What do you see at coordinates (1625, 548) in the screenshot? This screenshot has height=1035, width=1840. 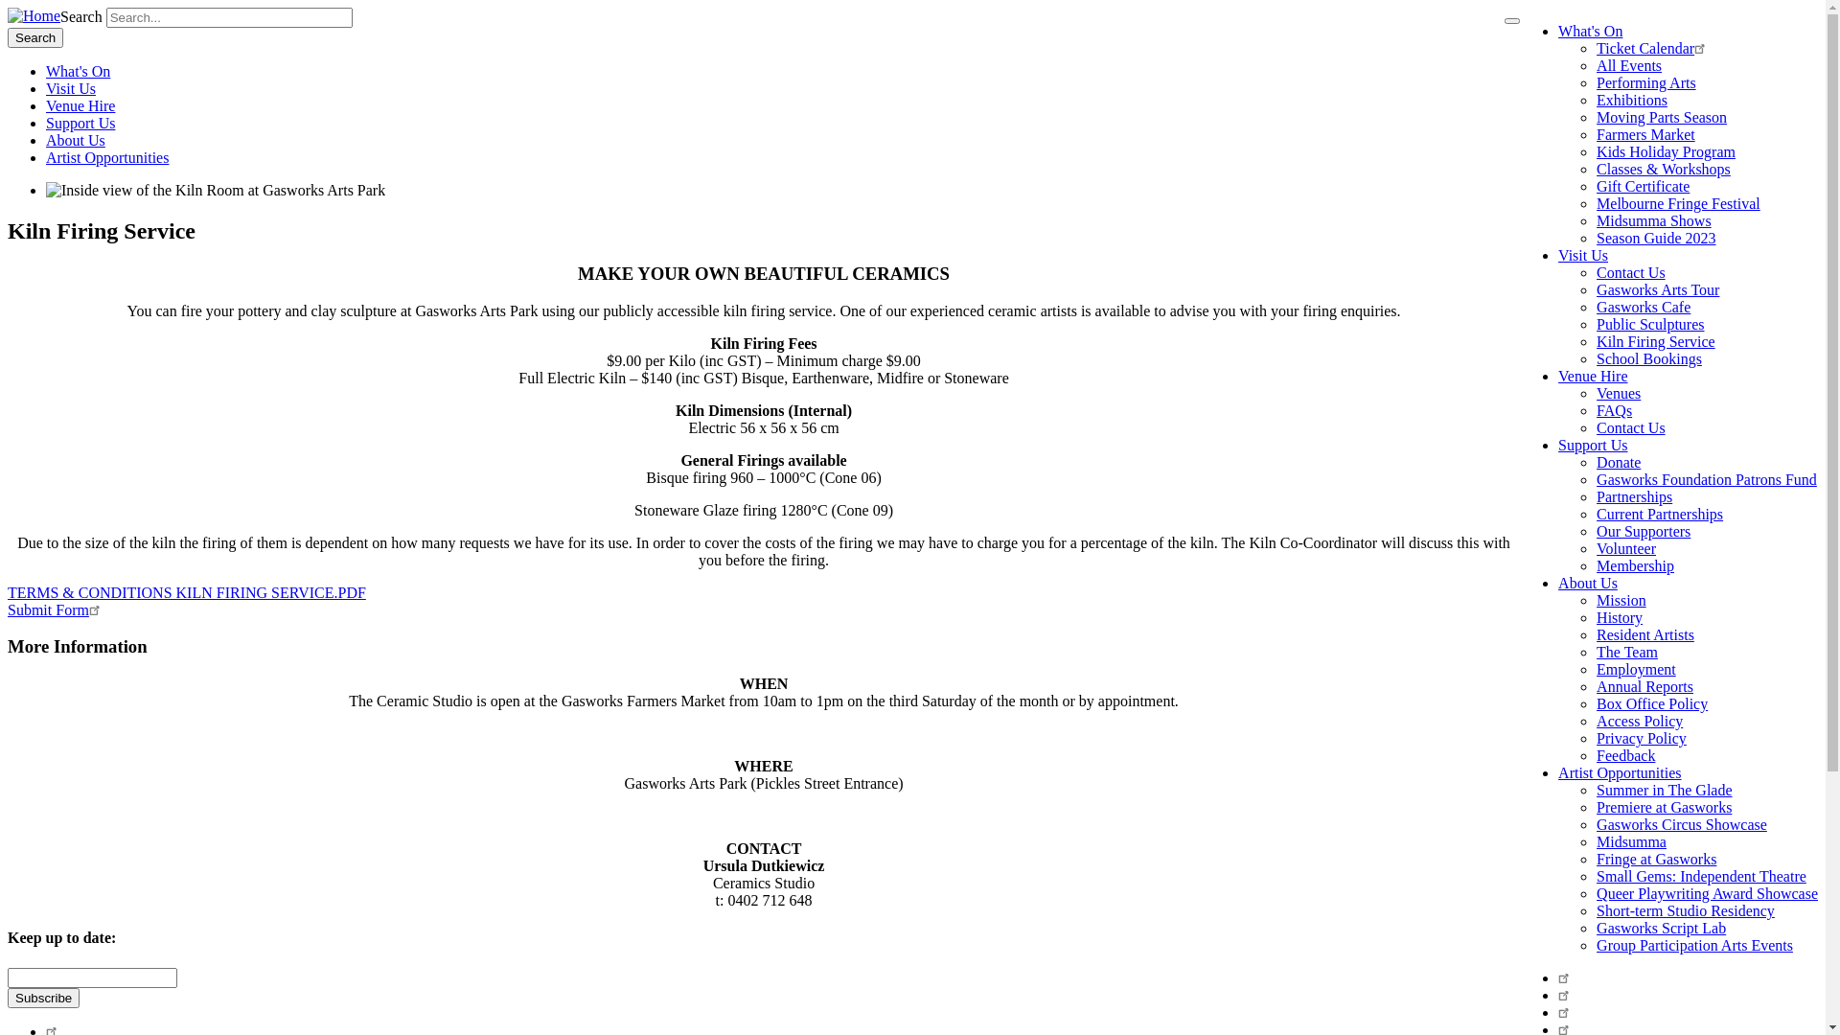 I see `'Volunteer'` at bounding box center [1625, 548].